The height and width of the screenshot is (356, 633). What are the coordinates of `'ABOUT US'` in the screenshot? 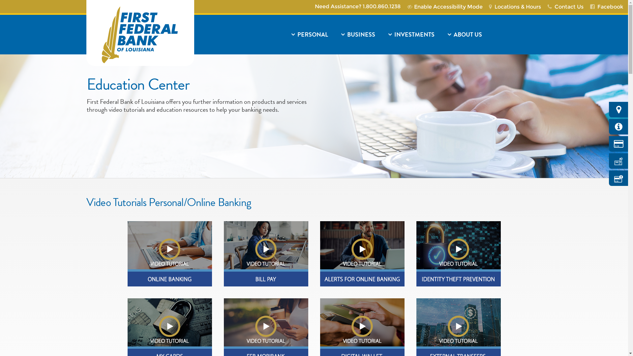 It's located at (491, 34).